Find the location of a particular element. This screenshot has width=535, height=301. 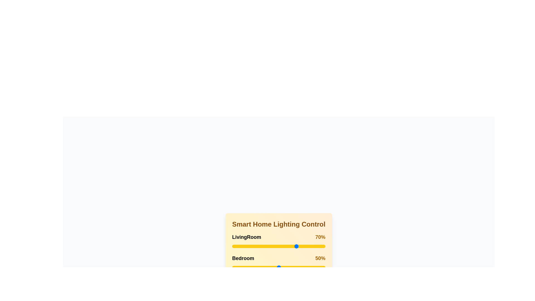

the Living Room lighting level is located at coordinates (294, 246).